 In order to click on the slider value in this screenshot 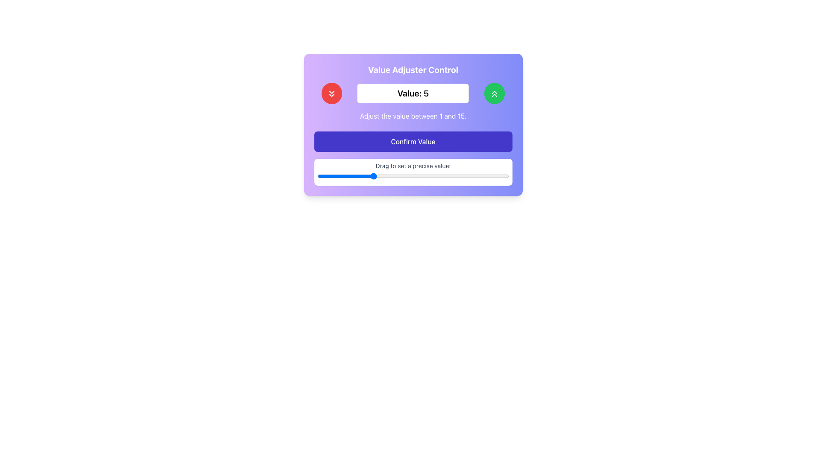, I will do `click(467, 176)`.